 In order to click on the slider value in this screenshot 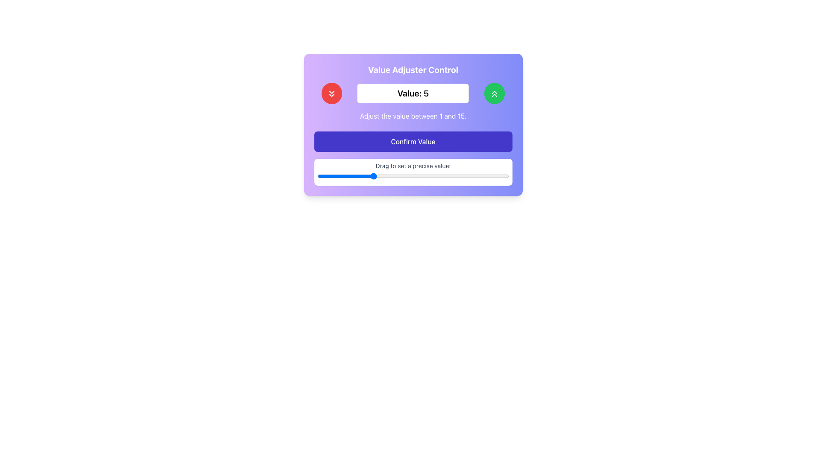, I will do `click(467, 176)`.